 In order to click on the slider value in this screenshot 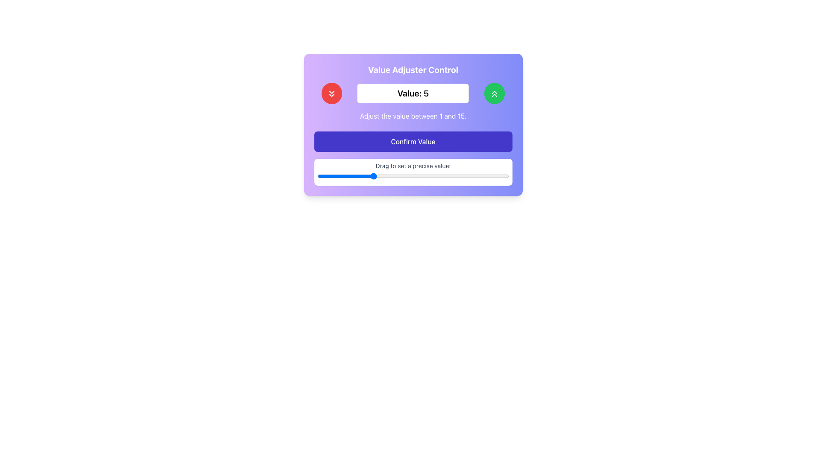, I will do `click(467, 176)`.